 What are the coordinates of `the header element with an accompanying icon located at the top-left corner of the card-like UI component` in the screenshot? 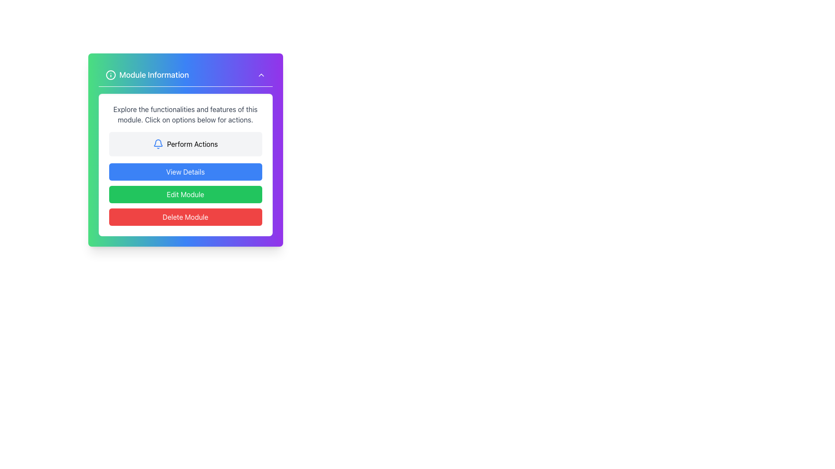 It's located at (147, 75).